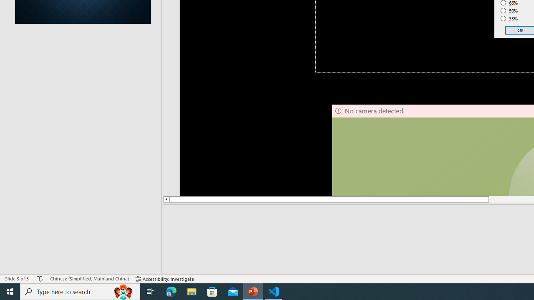 This screenshot has height=300, width=534. I want to click on 'Visual Studio Code - 1 running window', so click(274, 291).